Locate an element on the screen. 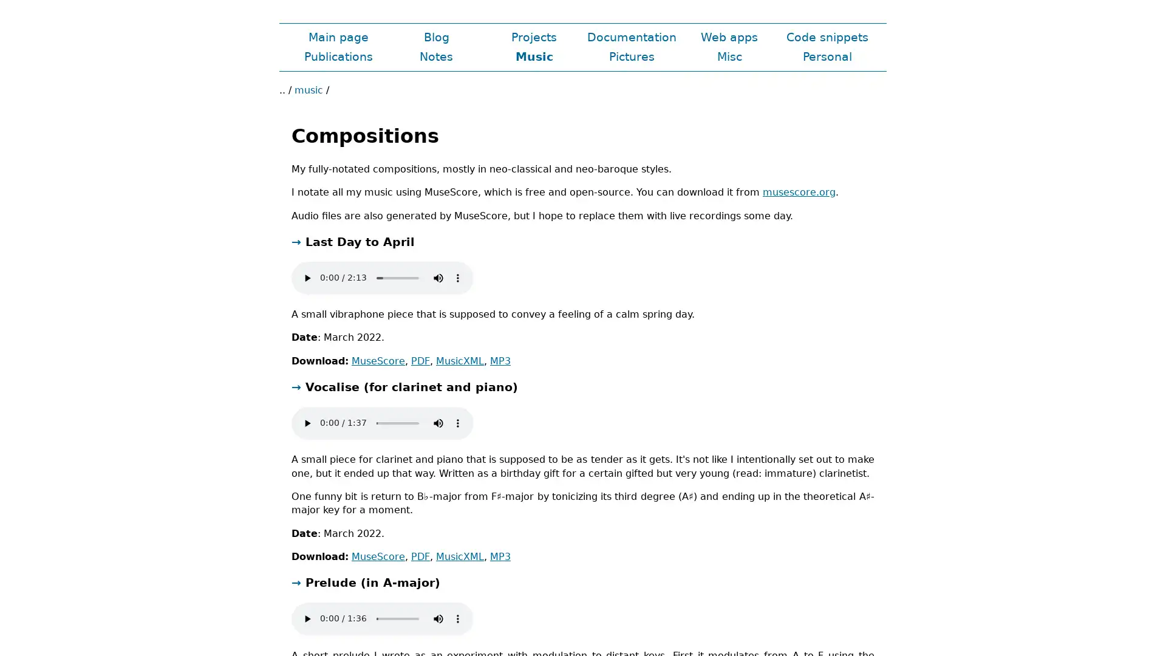 The image size is (1166, 656). show more media controls is located at coordinates (457, 422).